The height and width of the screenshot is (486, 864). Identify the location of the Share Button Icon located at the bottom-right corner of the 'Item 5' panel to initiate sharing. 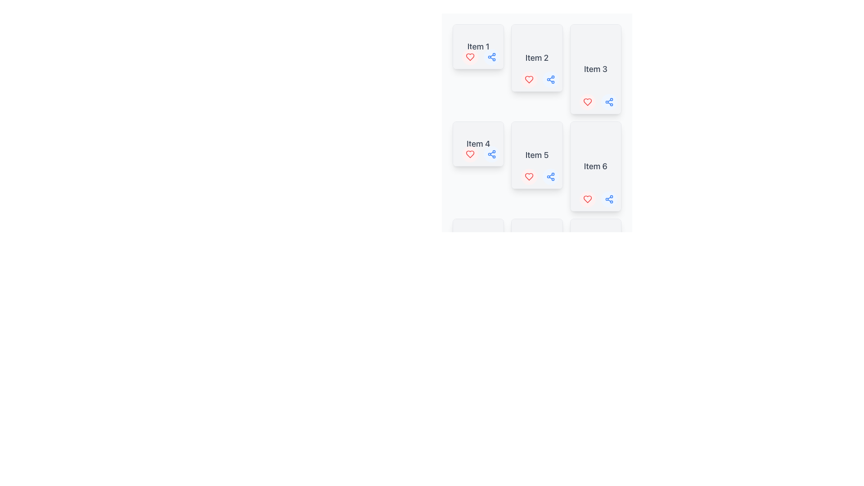
(550, 177).